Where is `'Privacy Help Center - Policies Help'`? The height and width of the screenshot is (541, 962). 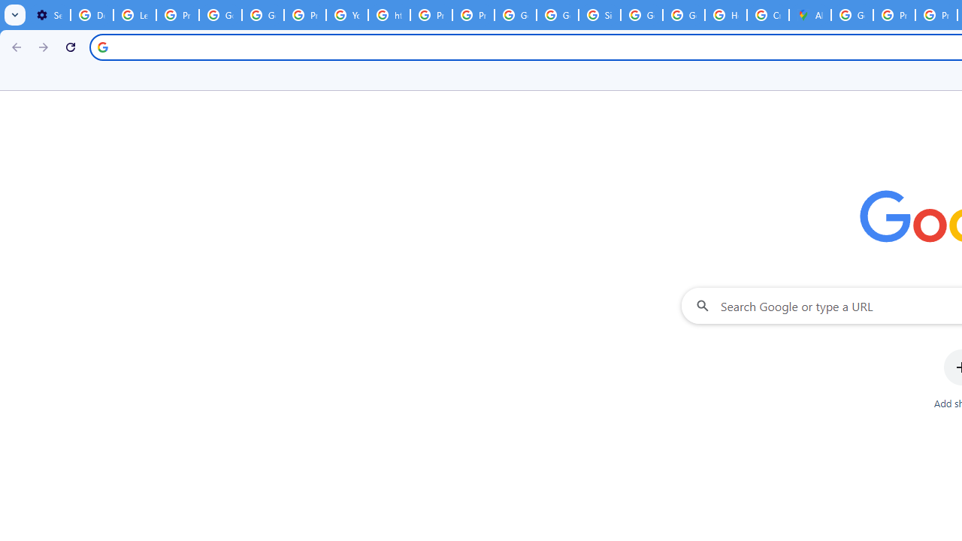 'Privacy Help Center - Policies Help' is located at coordinates (431, 15).